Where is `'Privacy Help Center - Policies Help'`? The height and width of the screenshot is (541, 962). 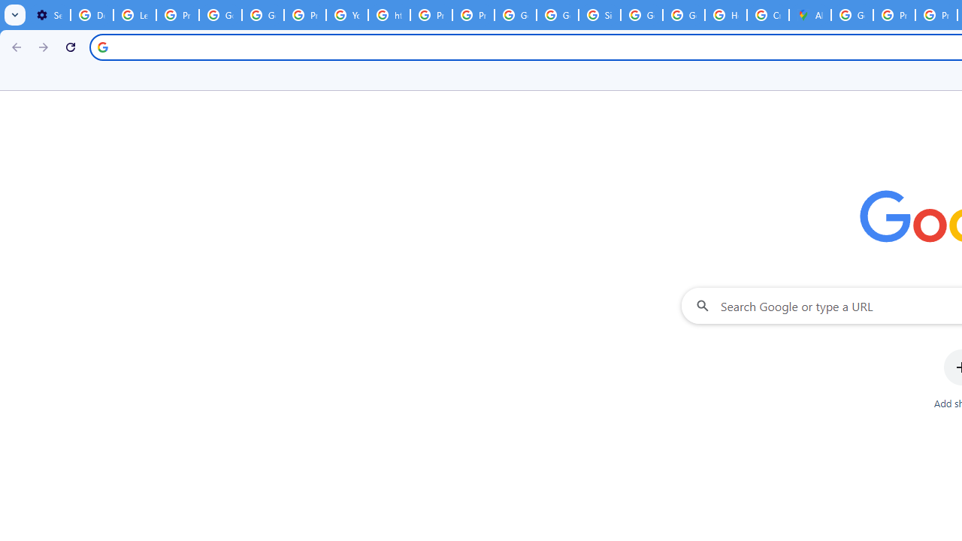 'Privacy Help Center - Policies Help' is located at coordinates (431, 15).